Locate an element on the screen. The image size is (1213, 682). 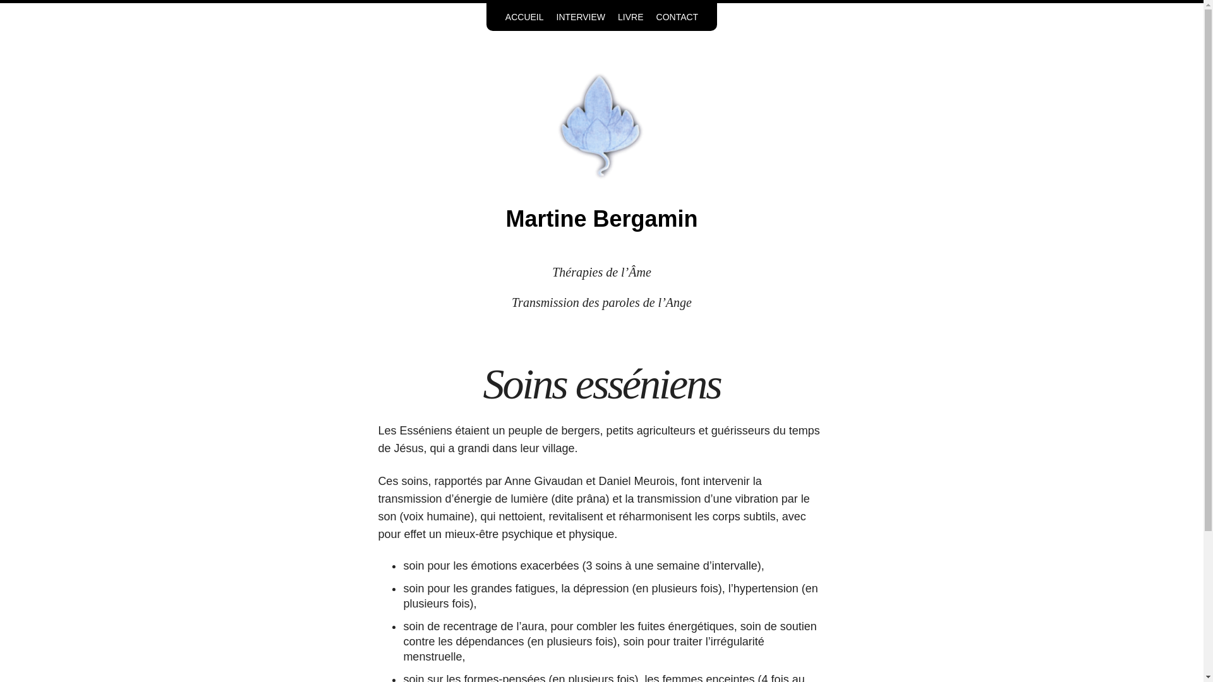
'Martine Bergamin' is located at coordinates (600, 124).